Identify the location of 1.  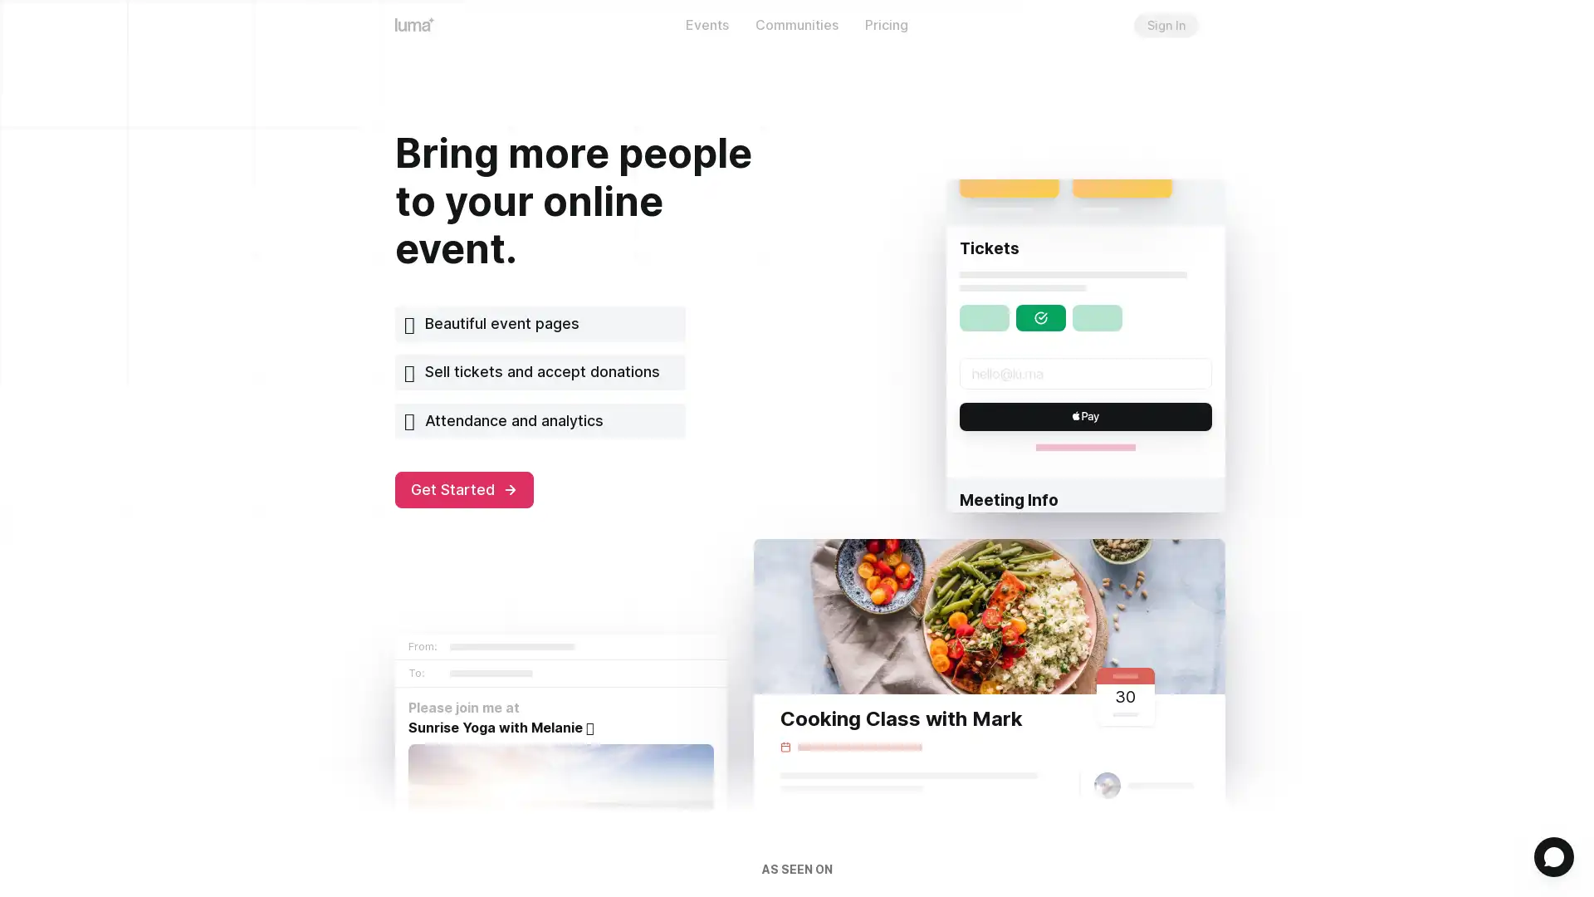
(1553, 857).